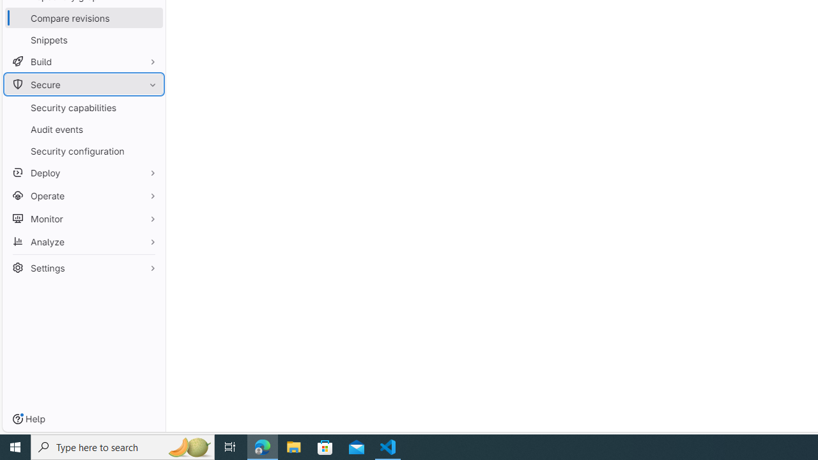 The width and height of the screenshot is (818, 460). Describe the element at coordinates (83, 18) in the screenshot. I see `'Compare revisions'` at that location.